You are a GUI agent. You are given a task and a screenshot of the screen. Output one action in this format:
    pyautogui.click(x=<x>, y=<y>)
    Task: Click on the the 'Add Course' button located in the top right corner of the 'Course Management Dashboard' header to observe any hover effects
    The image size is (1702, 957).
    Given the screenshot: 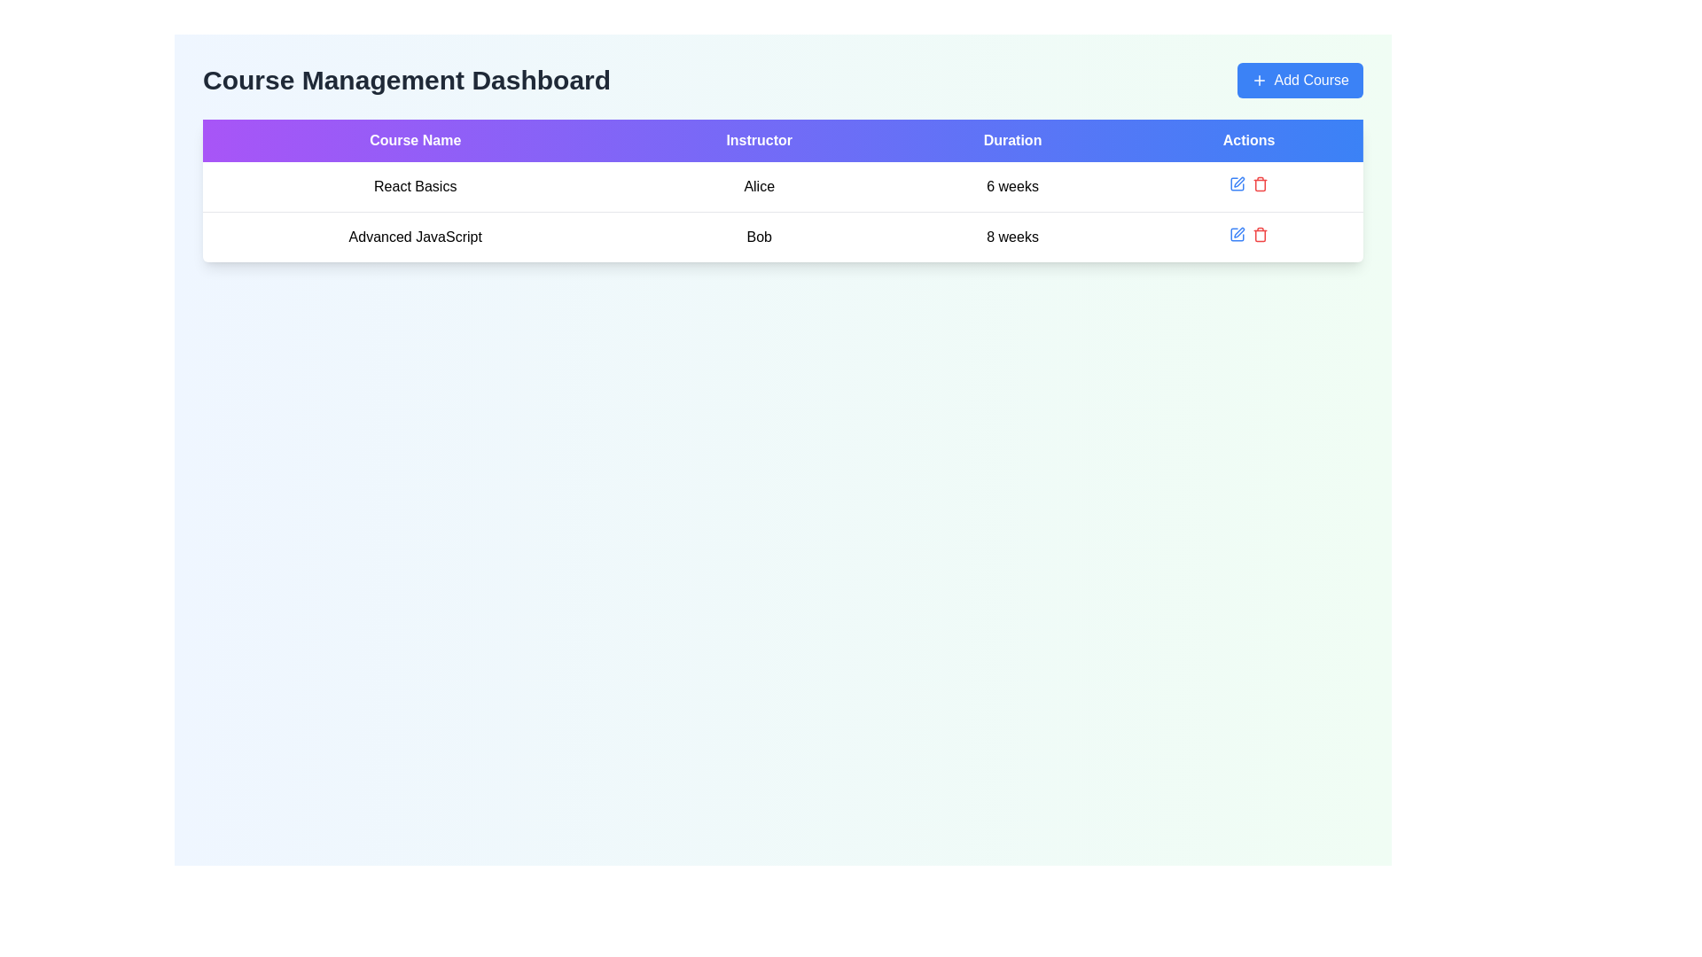 What is the action you would take?
    pyautogui.click(x=1300, y=81)
    